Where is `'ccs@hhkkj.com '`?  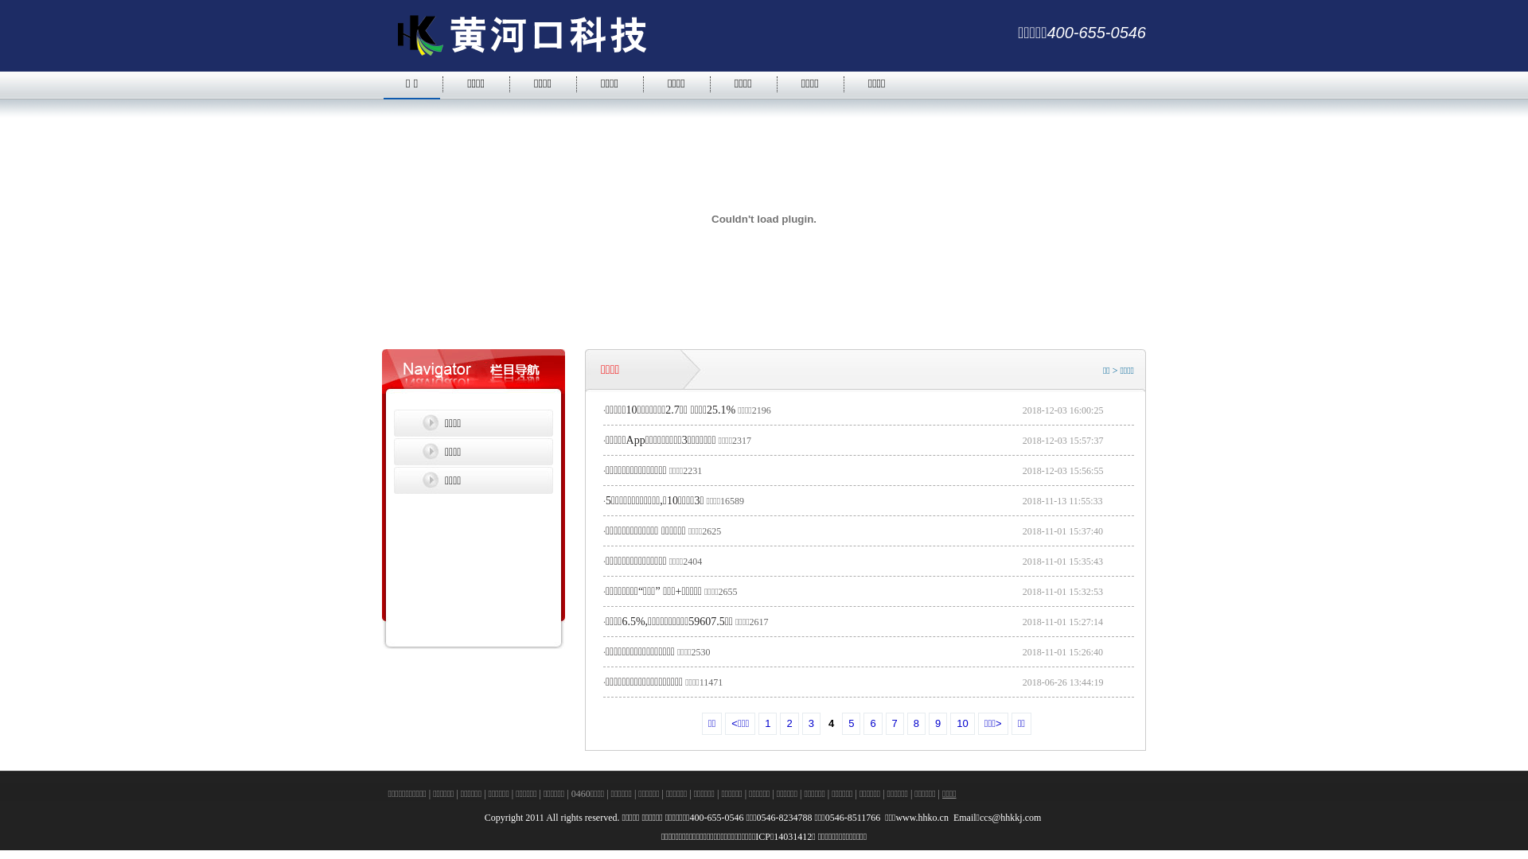
'ccs@hhkkj.com ' is located at coordinates (1011, 818).